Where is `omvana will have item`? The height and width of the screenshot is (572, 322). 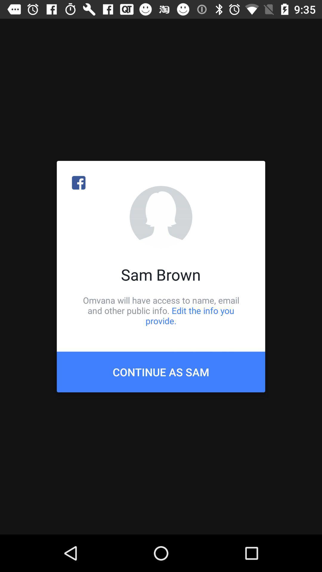 omvana will have item is located at coordinates (161, 310).